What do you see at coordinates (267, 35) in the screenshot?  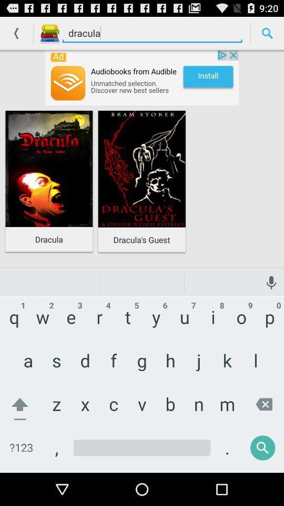 I see `the search icon` at bounding box center [267, 35].